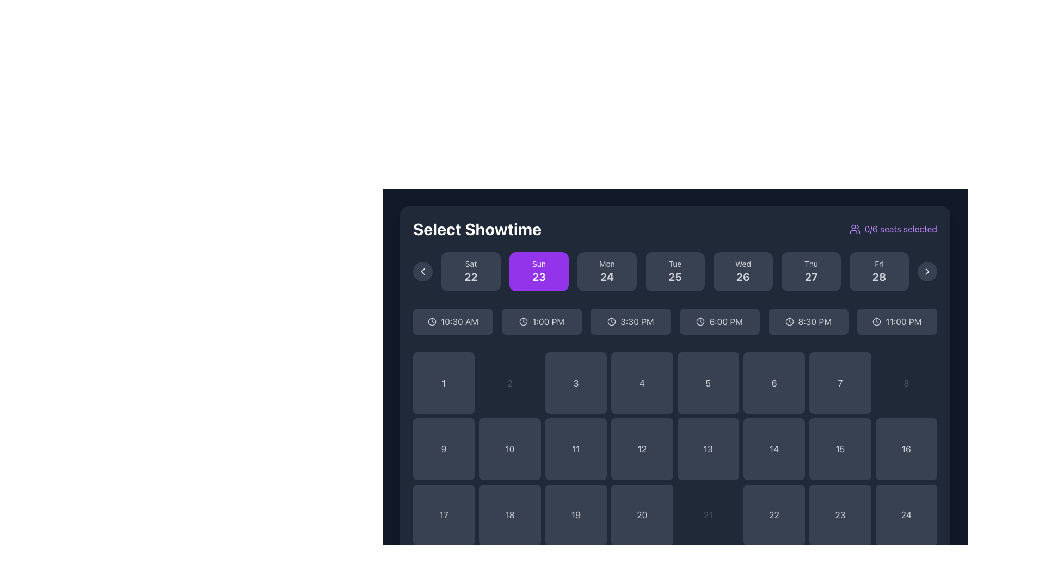 Image resolution: width=1045 pixels, height=588 pixels. What do you see at coordinates (674, 277) in the screenshot?
I see `the bold label displaying the date '25'` at bounding box center [674, 277].